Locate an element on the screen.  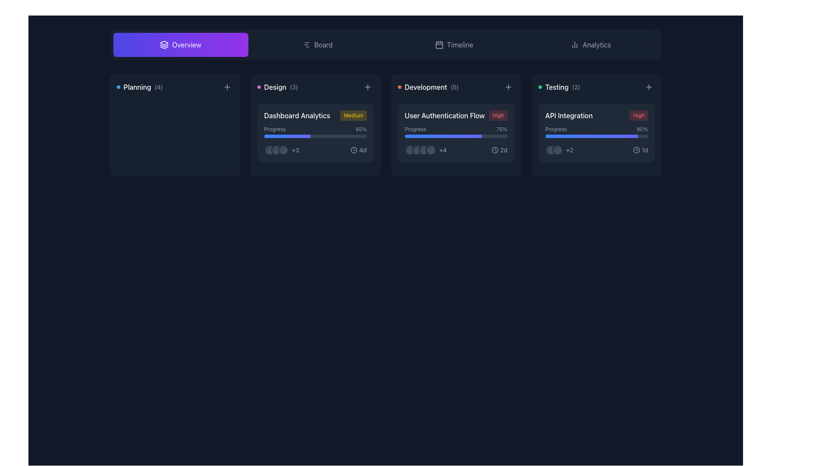
the progress indicated by the horizontally elongated progress bar with a gradient color transition from blue to indigo, located in the 'Dashboard Analytics' card under the 'Design' section, below the 'Progress' label and above '+3' is located at coordinates (287, 136).